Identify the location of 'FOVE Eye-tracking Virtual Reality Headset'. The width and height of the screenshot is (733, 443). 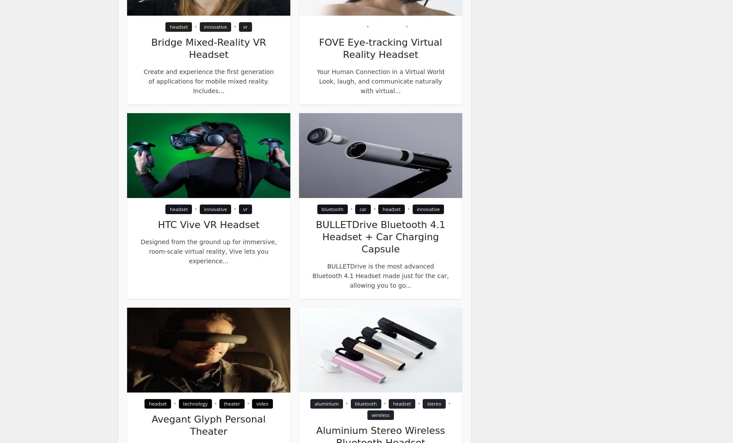
(380, 48).